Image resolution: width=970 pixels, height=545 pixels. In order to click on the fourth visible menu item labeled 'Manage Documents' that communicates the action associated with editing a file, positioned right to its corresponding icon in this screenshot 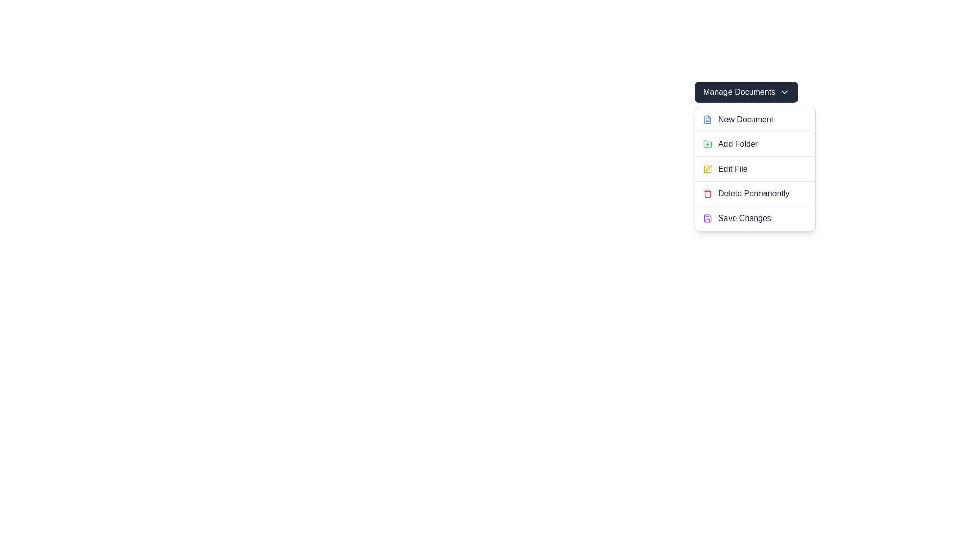, I will do `click(733, 169)`.